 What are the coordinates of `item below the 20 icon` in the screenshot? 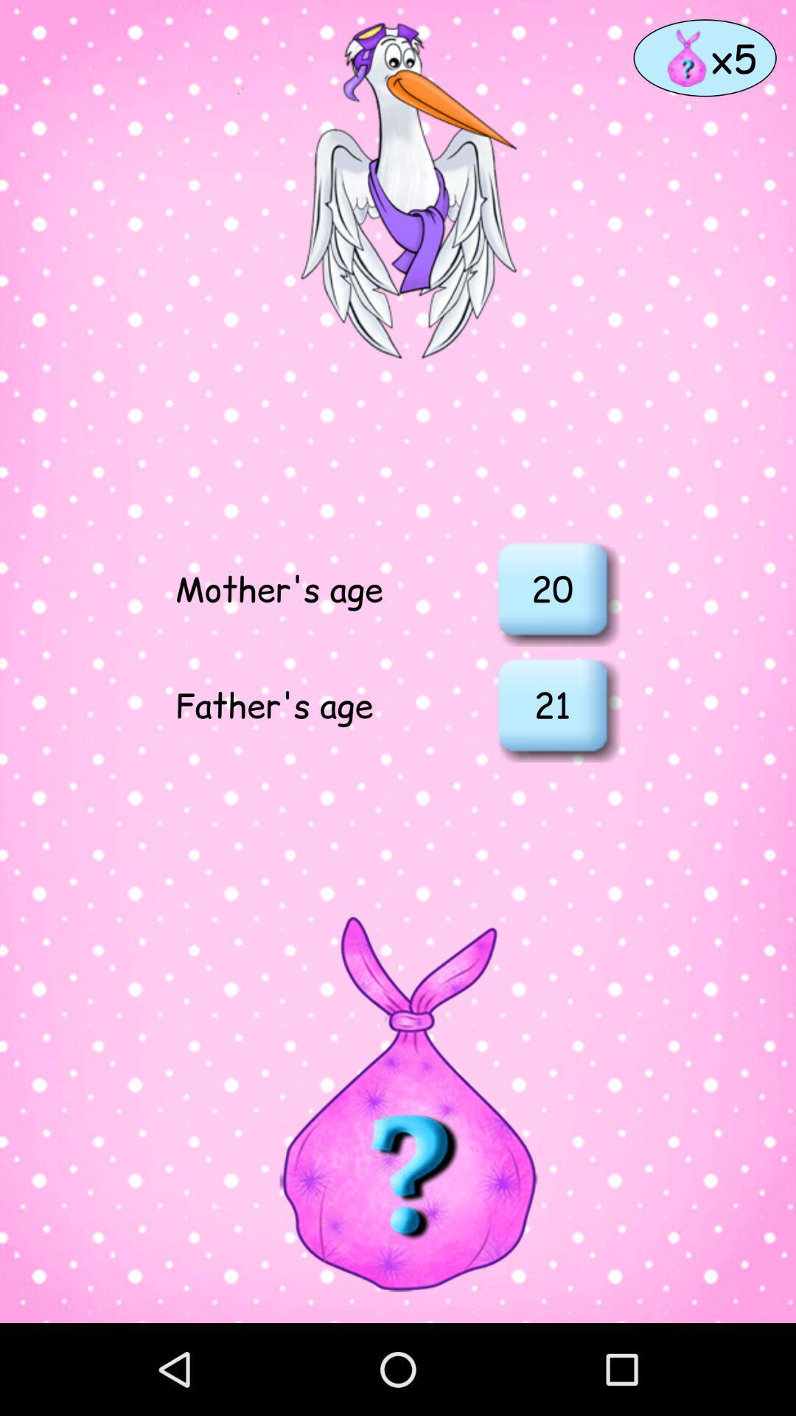 It's located at (552, 704).